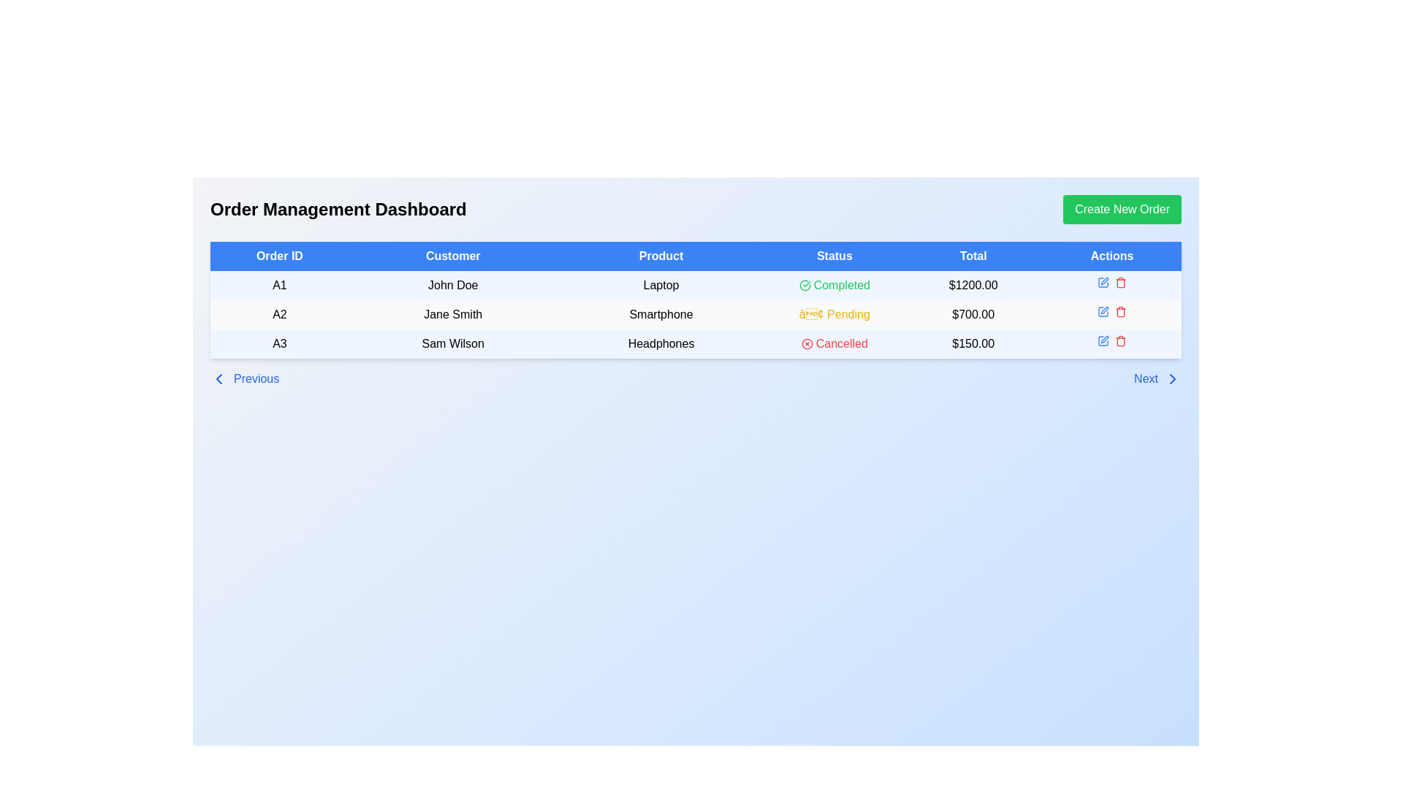  I want to click on the text 'John Doe' which is centrally aligned in the 'Customer' column of the table, styled in black on a lightly highlighted background, so click(452, 285).